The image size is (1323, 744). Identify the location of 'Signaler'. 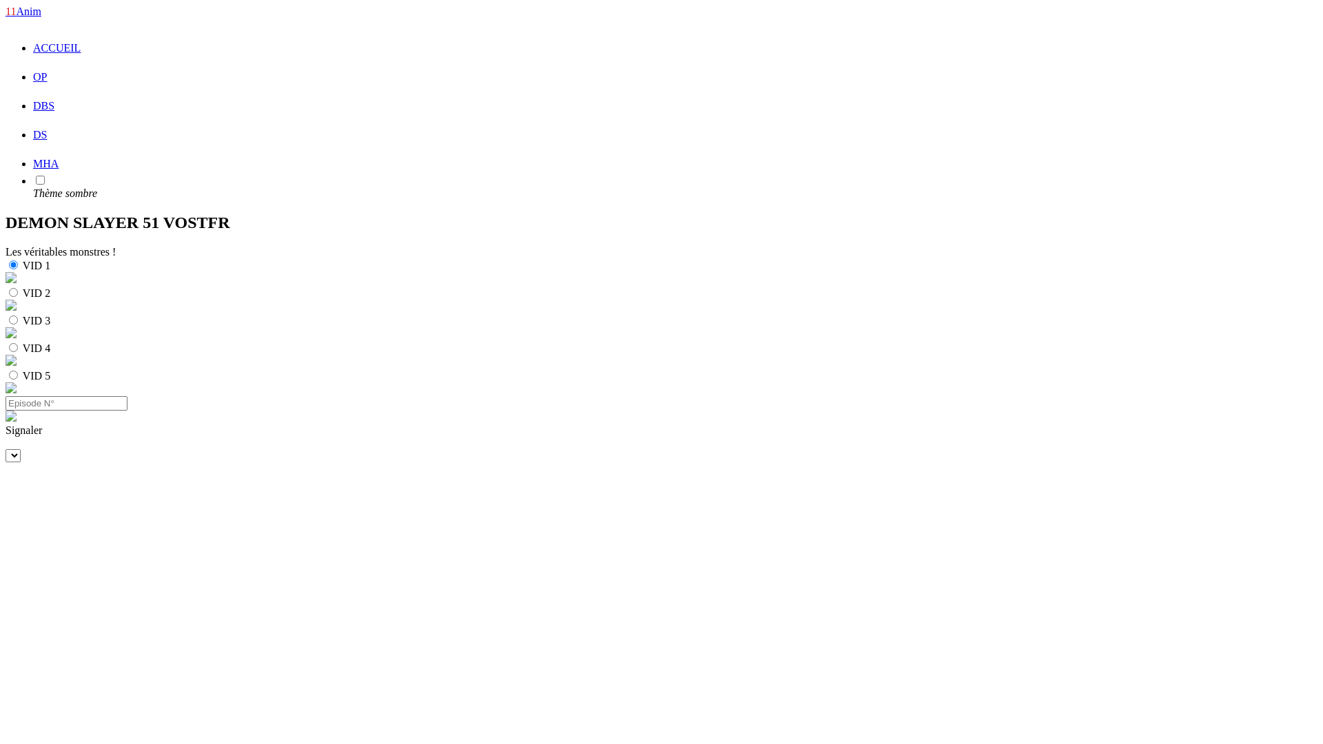
(661, 429).